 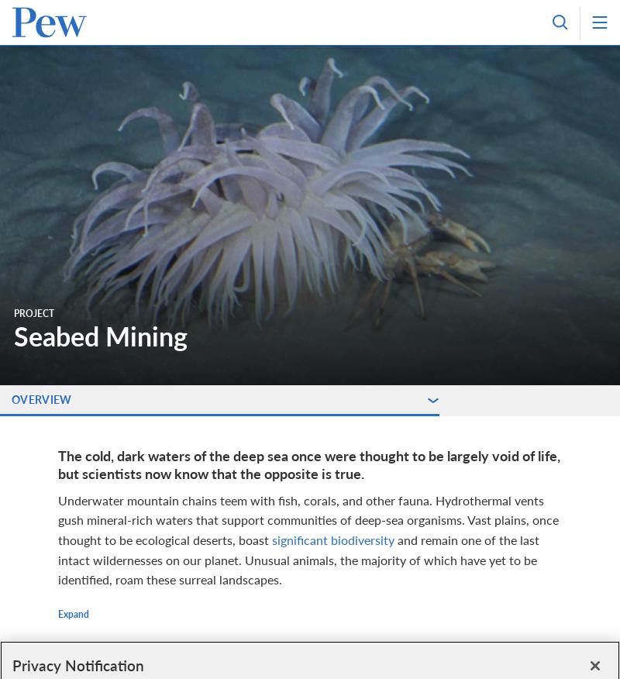 What do you see at coordinates (100, 336) in the screenshot?
I see `'Seabed Mining'` at bounding box center [100, 336].